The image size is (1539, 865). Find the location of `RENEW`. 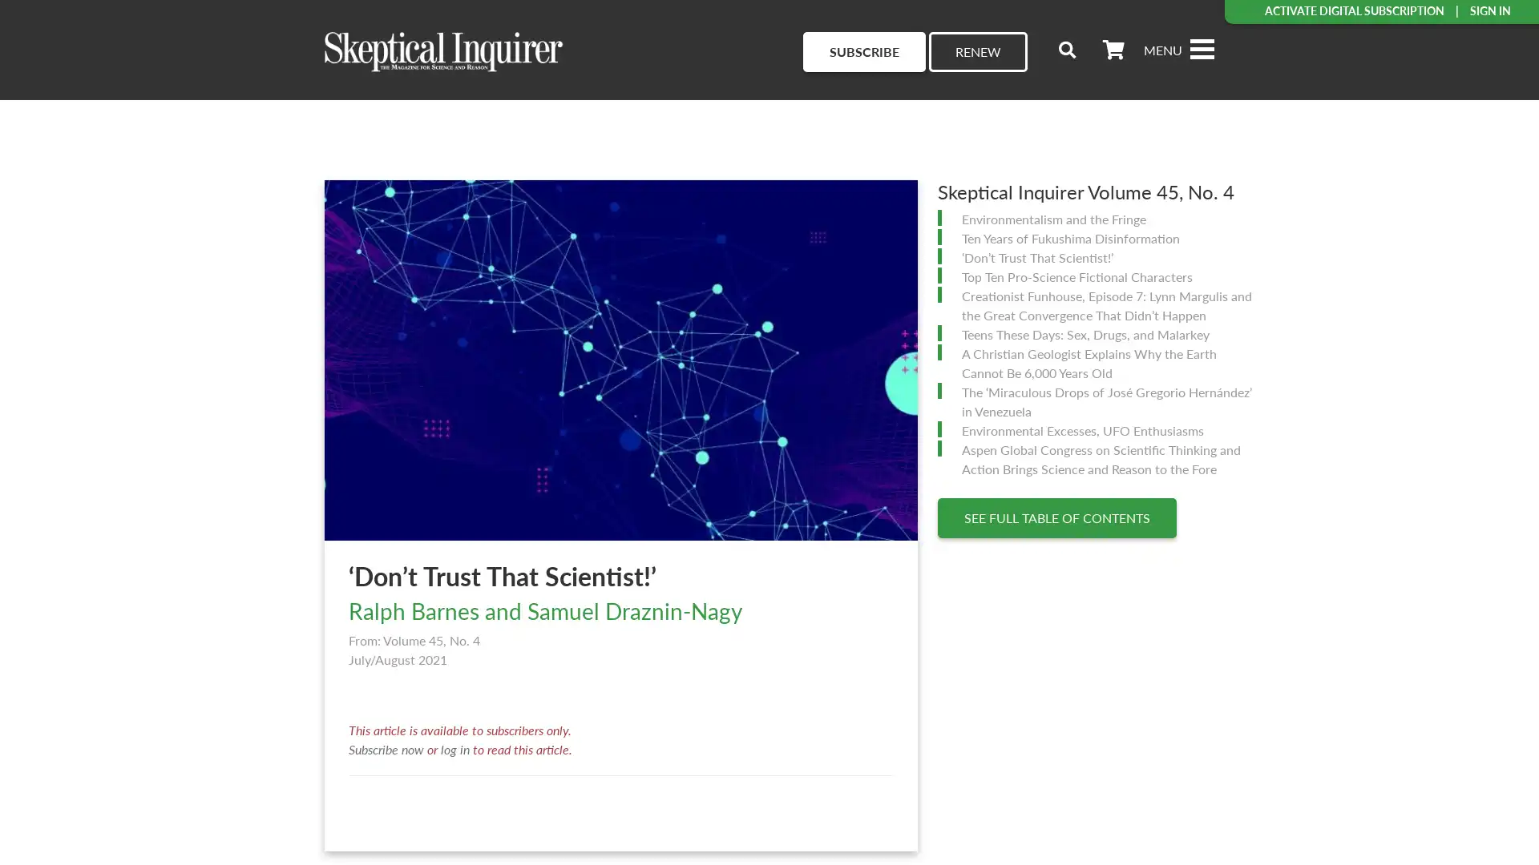

RENEW is located at coordinates (977, 51).